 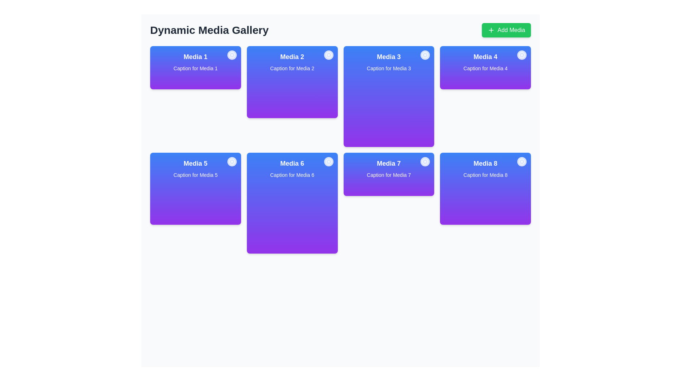 What do you see at coordinates (506, 30) in the screenshot?
I see `the green 'Add Media' button with a plus icon` at bounding box center [506, 30].